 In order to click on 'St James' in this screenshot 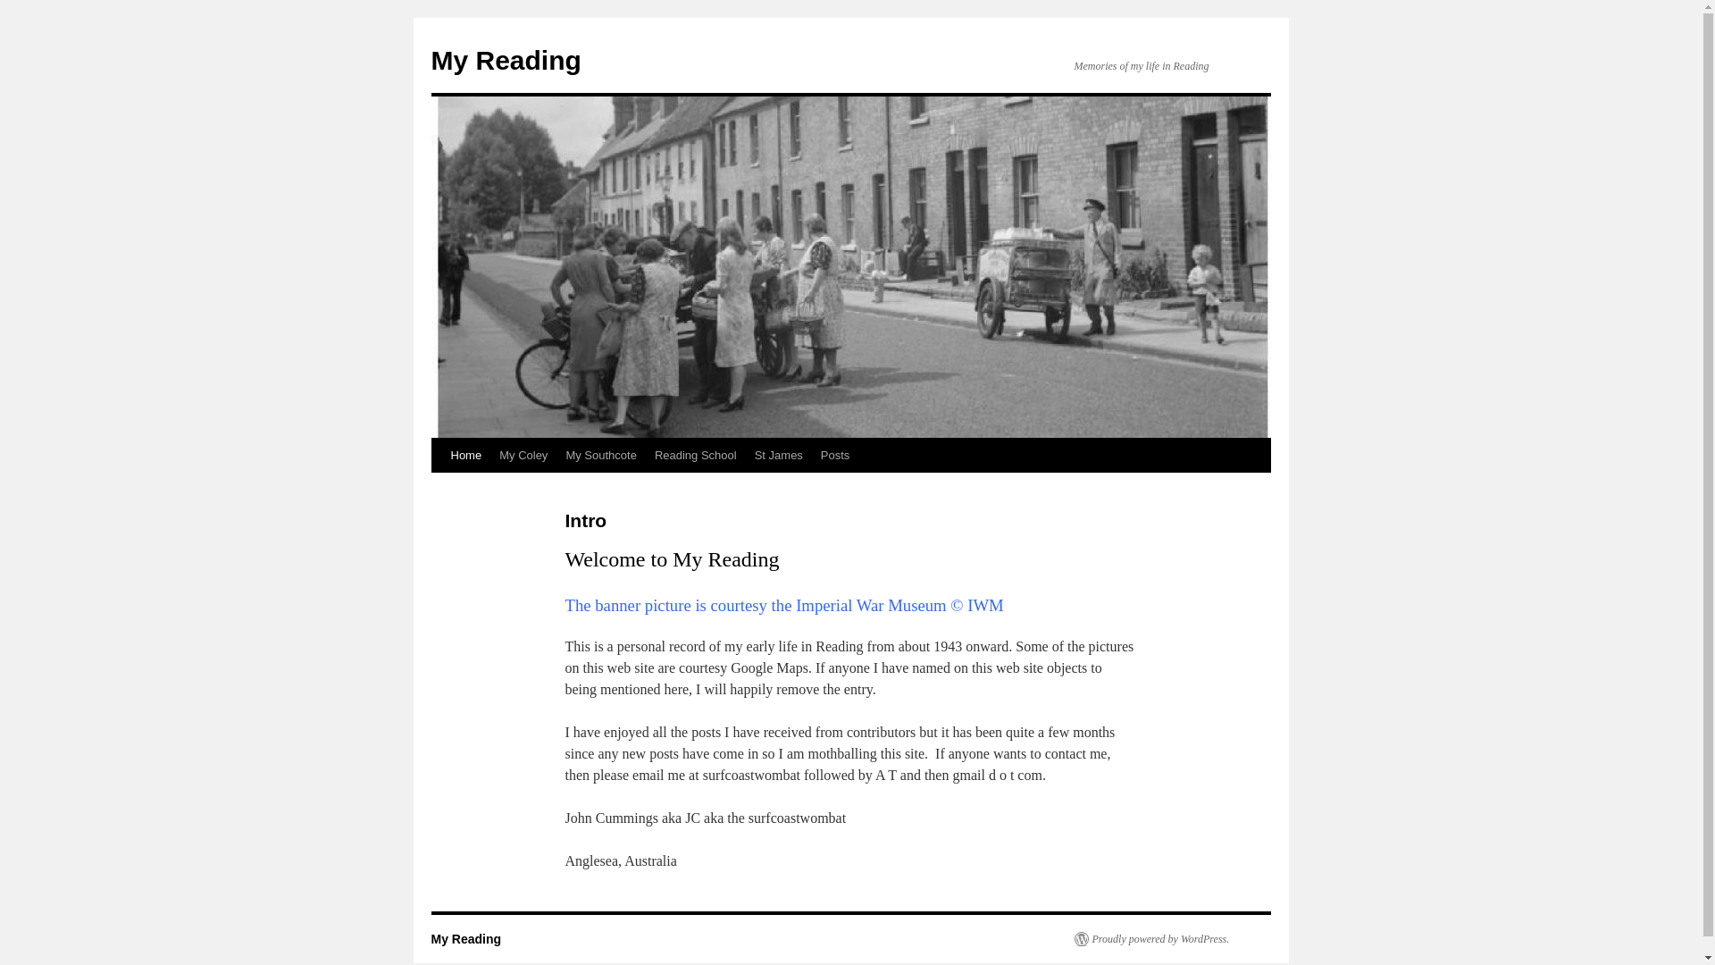, I will do `click(779, 454)`.